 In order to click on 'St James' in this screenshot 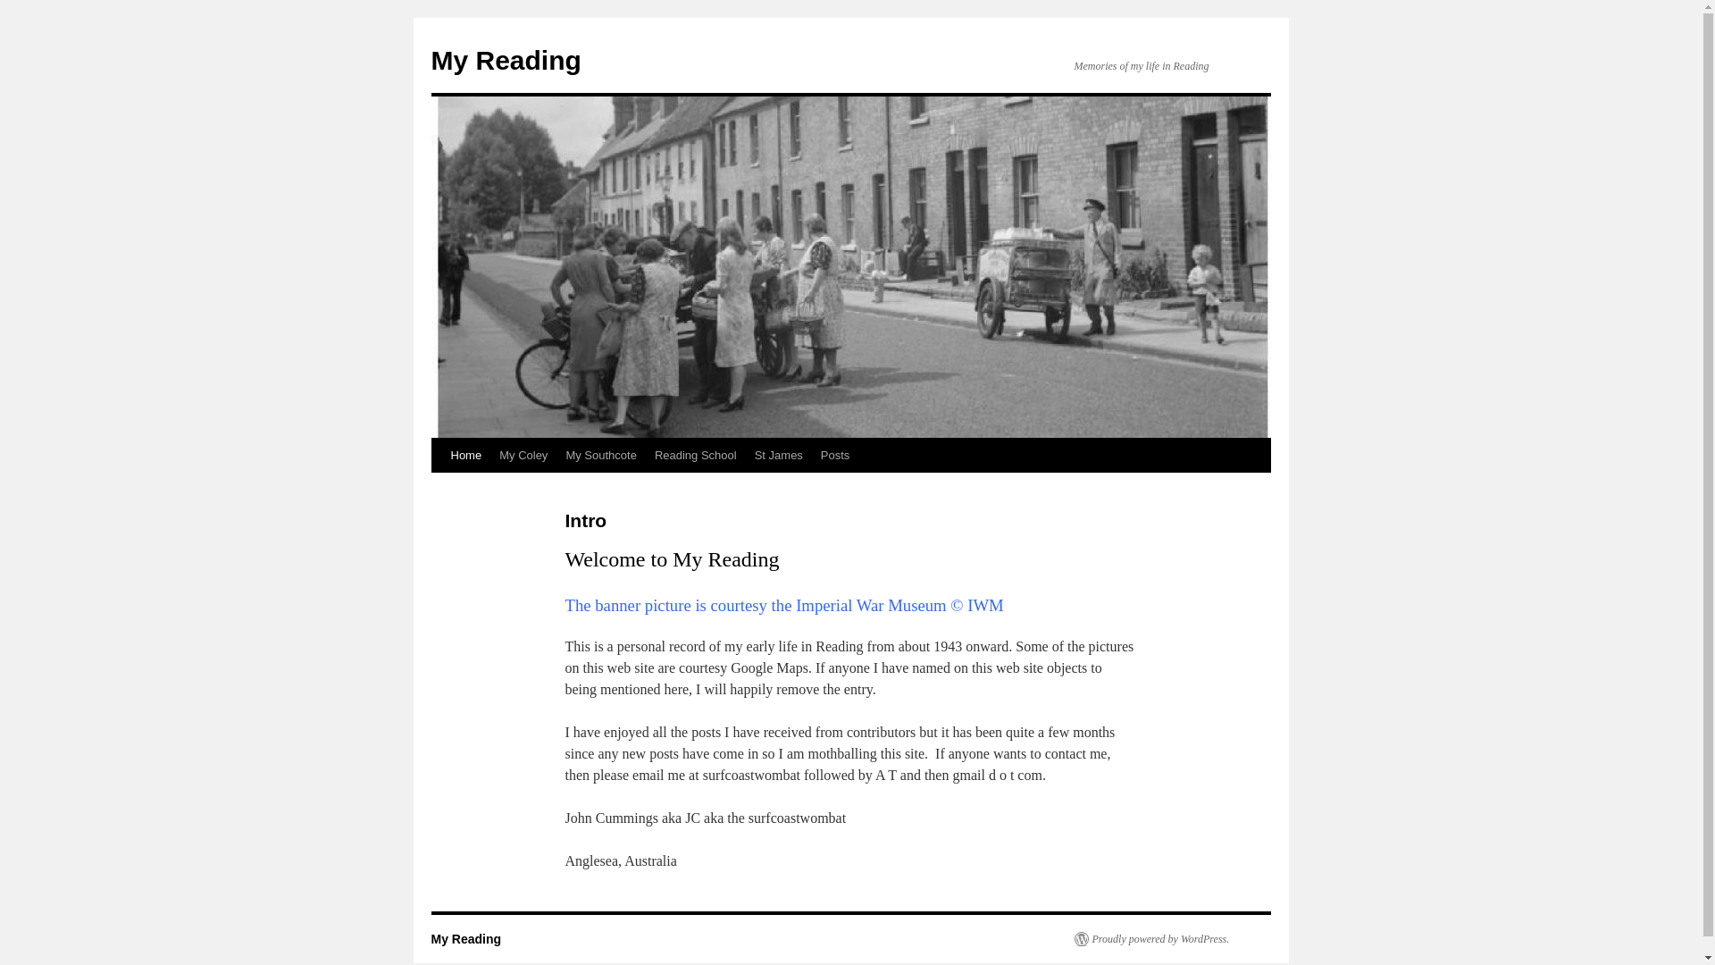, I will do `click(779, 454)`.